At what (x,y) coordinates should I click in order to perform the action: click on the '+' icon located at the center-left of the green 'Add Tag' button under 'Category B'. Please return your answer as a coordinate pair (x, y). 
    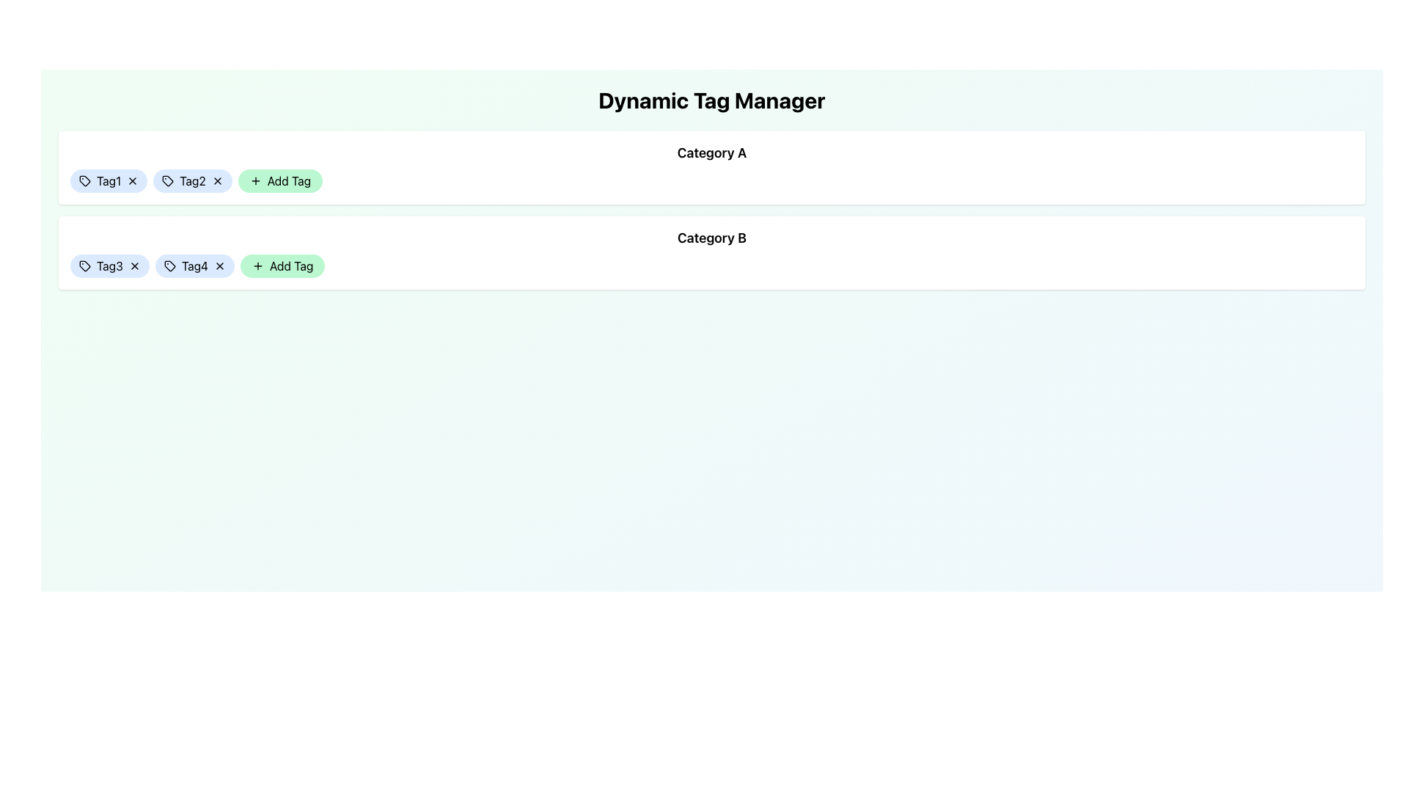
    Looking at the image, I should click on (257, 265).